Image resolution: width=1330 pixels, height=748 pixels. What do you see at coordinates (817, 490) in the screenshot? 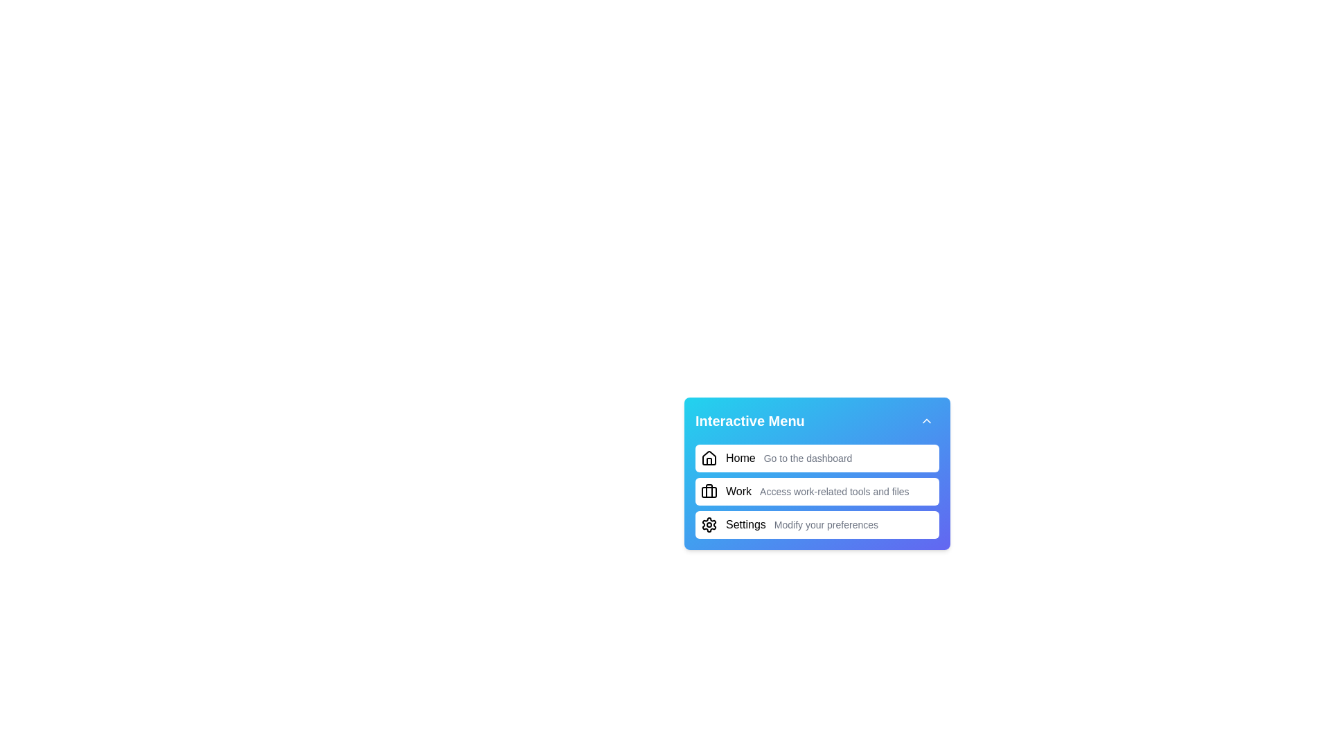
I see `the second item in the 'Interactive Menu' list, which is associated with the 'Work' section` at bounding box center [817, 490].